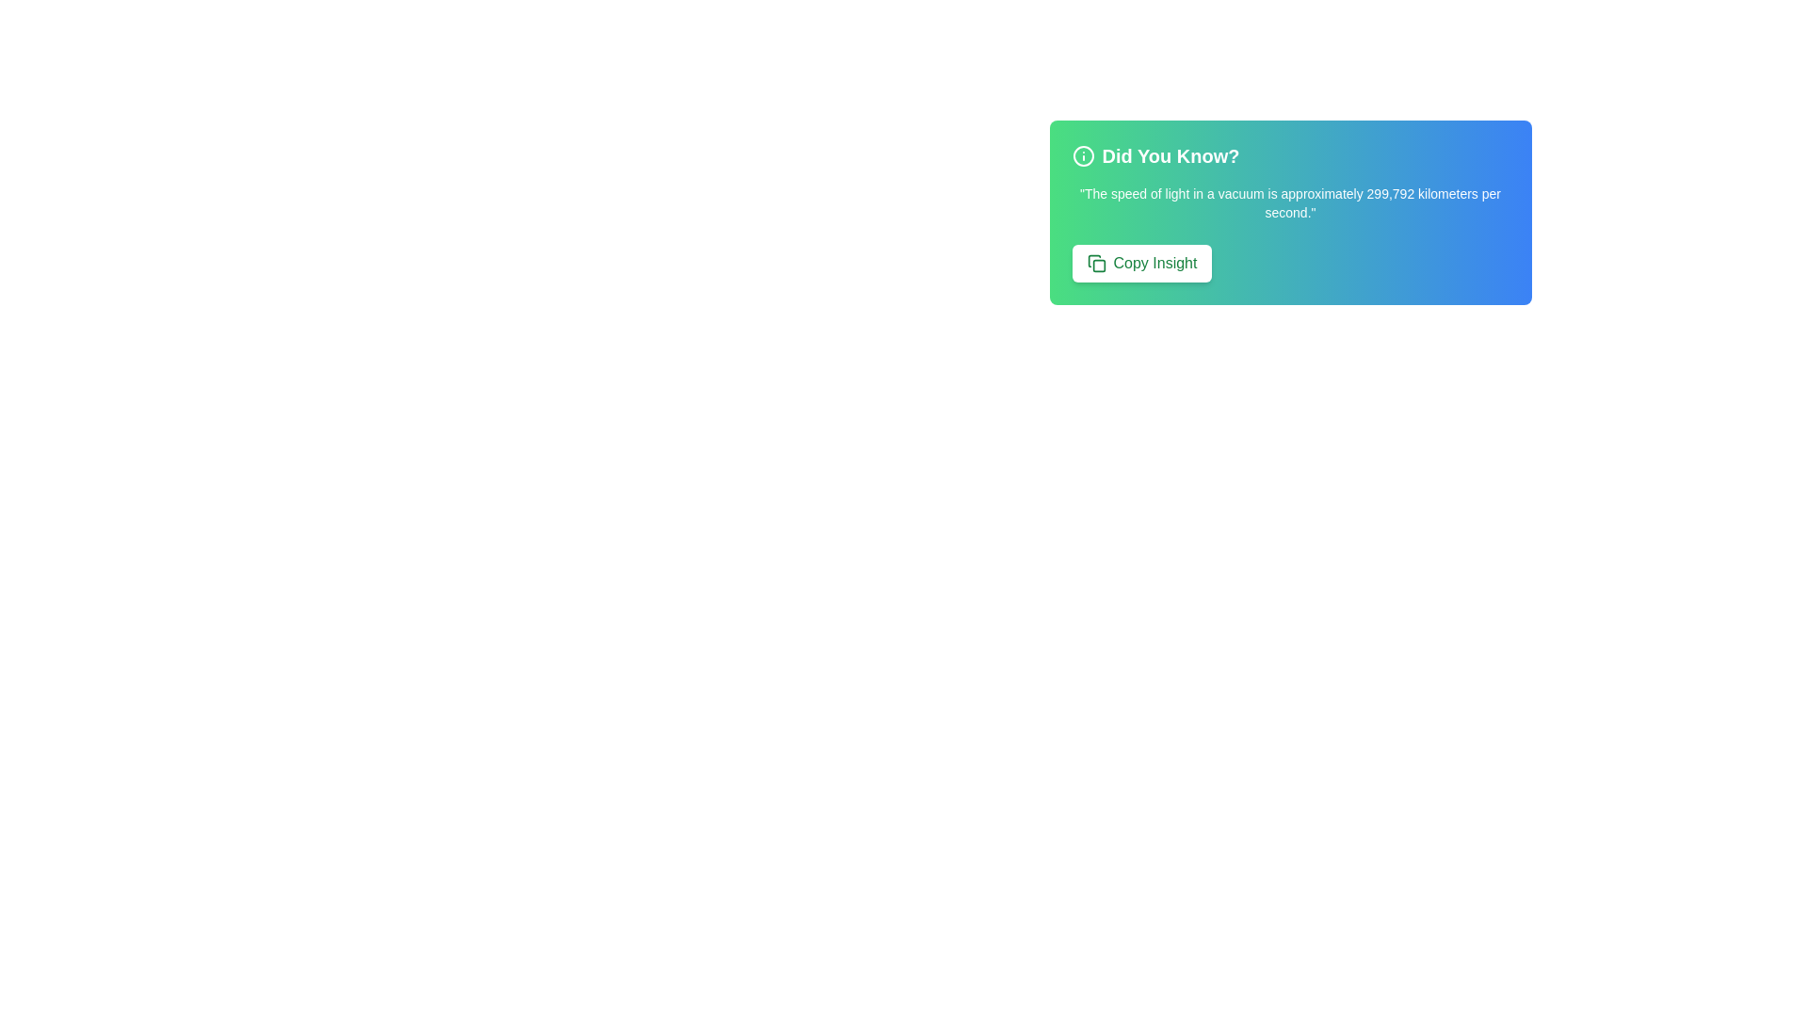 This screenshot has width=1808, height=1017. I want to click on the green overlapping square icon located to the left of the 'Copy Insight' text within the button below the 'Did You Know?' section, so click(1096, 264).